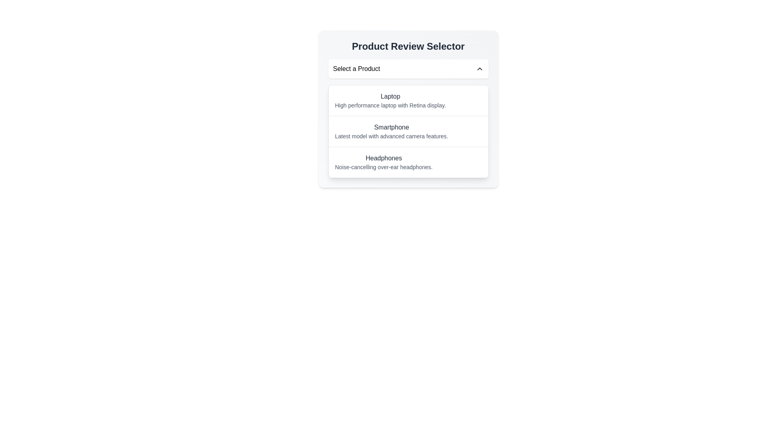 The height and width of the screenshot is (433, 769). I want to click on the text element titled 'Headphones' which describes 'Noise-cancelling over-ear headphones.' in the dropdown menu under 'Product Review Selector', so click(383, 162).